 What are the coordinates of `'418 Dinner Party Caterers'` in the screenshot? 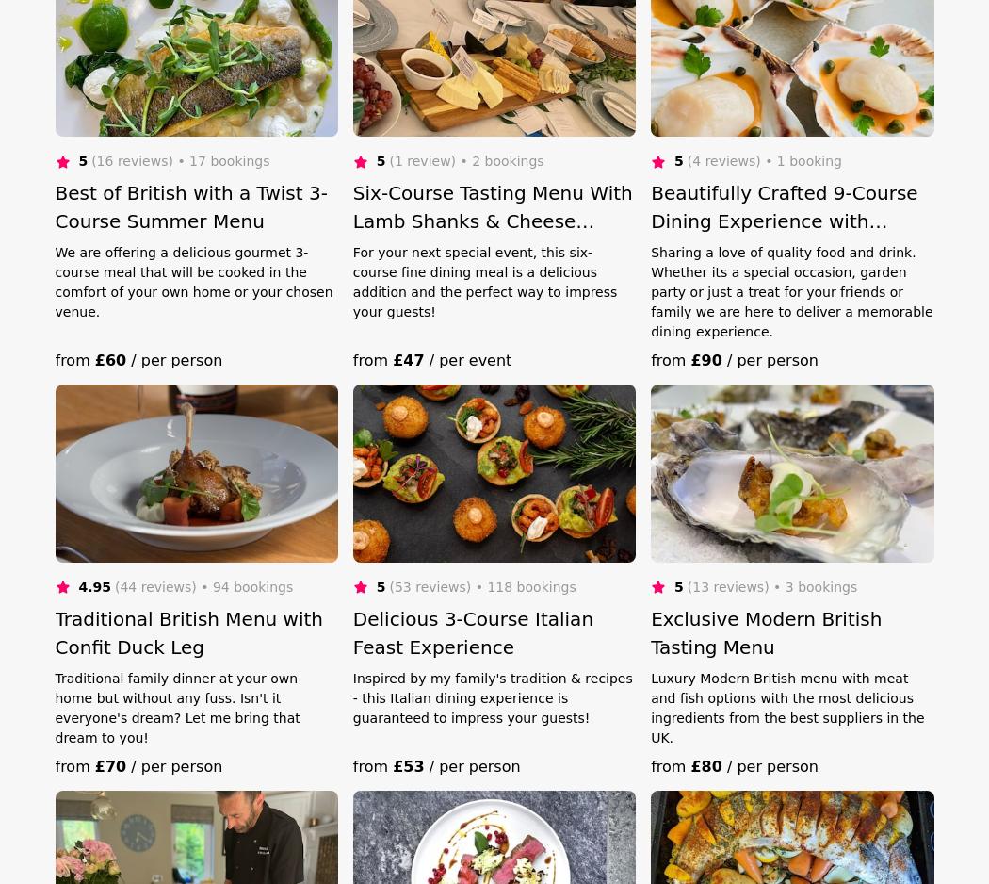 It's located at (165, 14).